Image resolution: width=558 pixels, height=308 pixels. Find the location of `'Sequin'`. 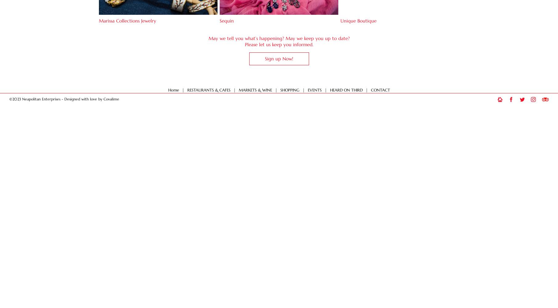

'Sequin' is located at coordinates (226, 20).